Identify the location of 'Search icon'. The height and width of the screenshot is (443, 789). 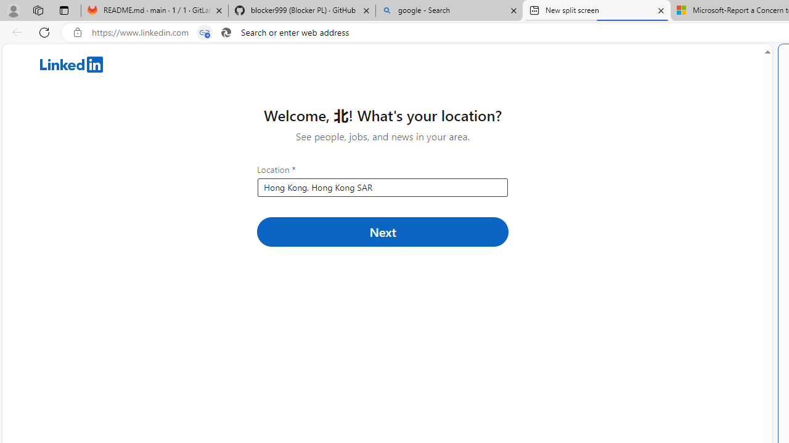
(226, 32).